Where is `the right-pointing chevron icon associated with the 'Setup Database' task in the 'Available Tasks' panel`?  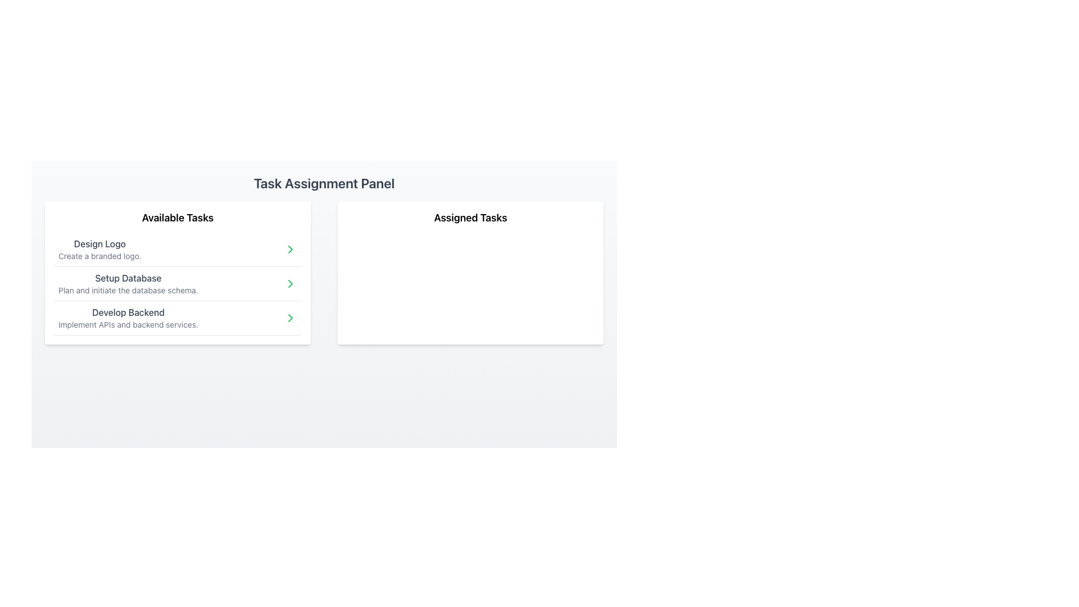 the right-pointing chevron icon associated with the 'Setup Database' task in the 'Available Tasks' panel is located at coordinates (291, 248).